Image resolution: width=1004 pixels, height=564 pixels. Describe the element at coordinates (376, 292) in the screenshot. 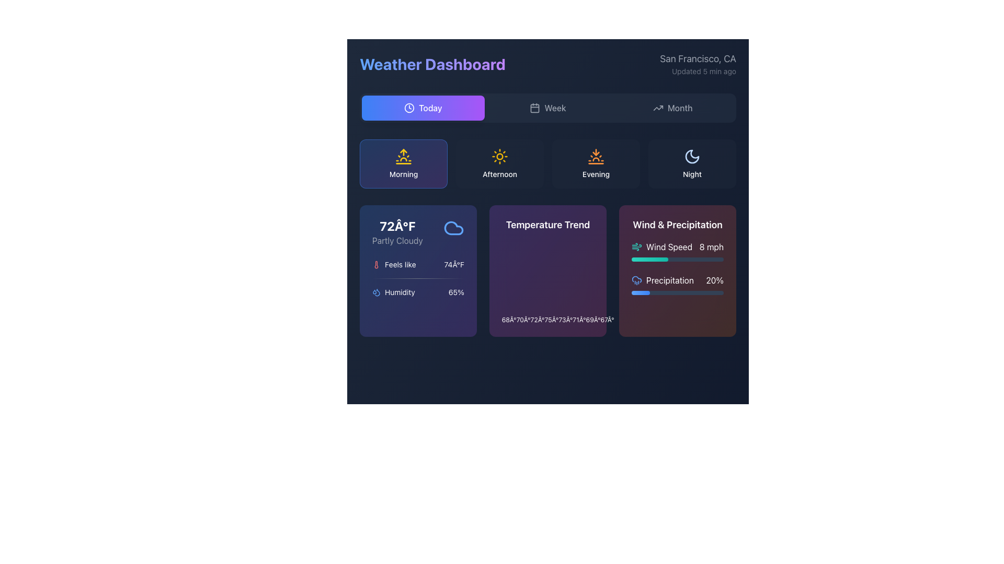

I see `the blue icon representing two drop shapes, which is located to the left of the 'Humidity' text in the weather summary card` at that location.